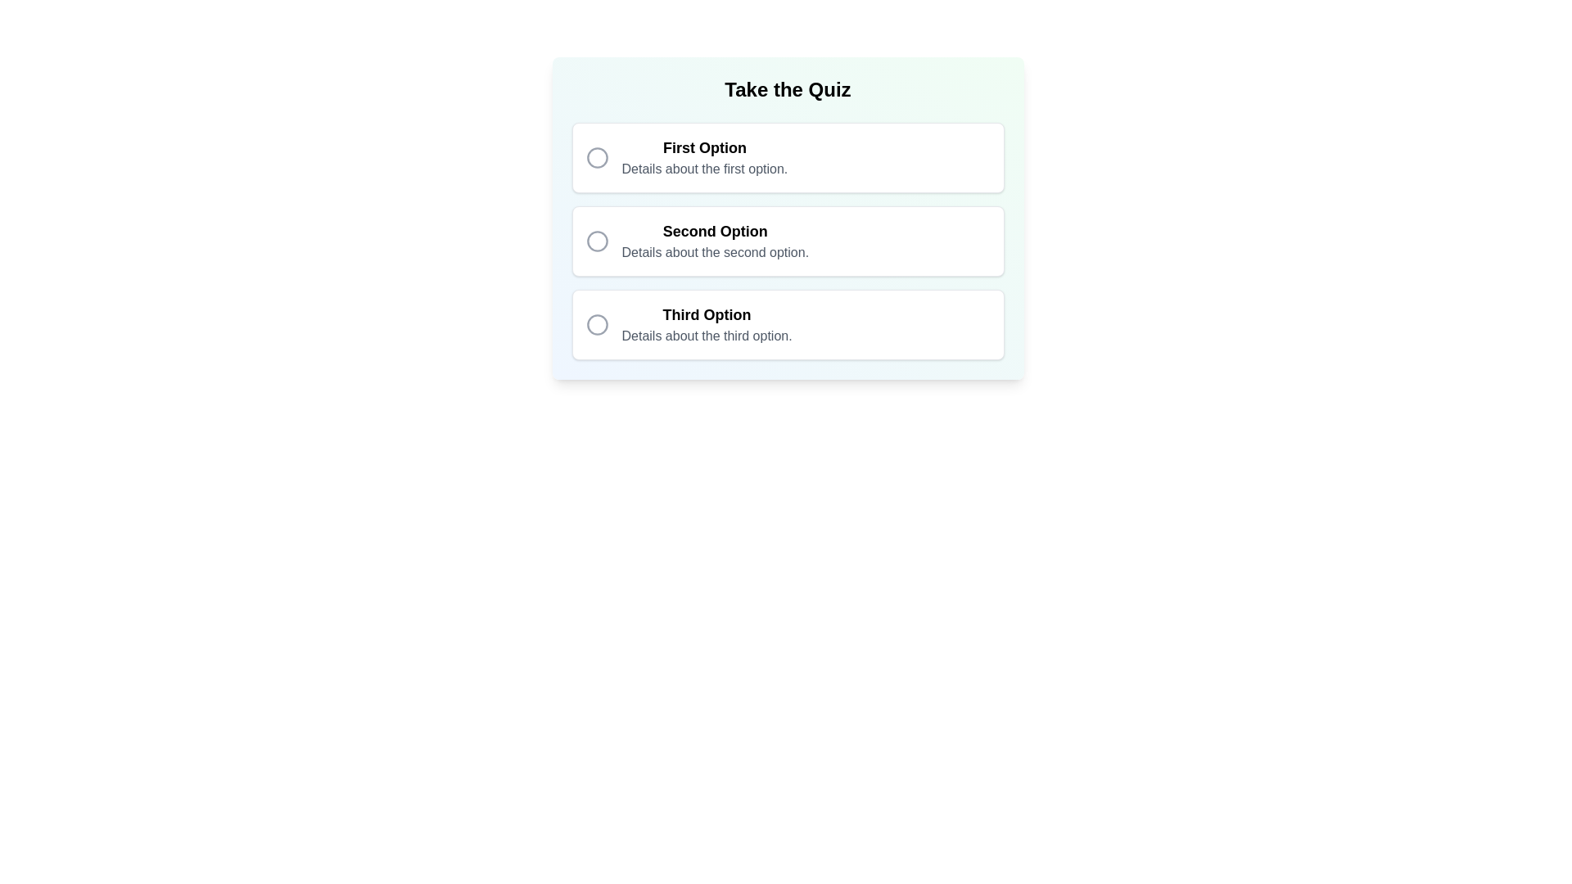 The height and width of the screenshot is (884, 1572). Describe the element at coordinates (596, 157) in the screenshot. I see `the unselected radio button located at the top left corner of the 'First Option'` at that location.